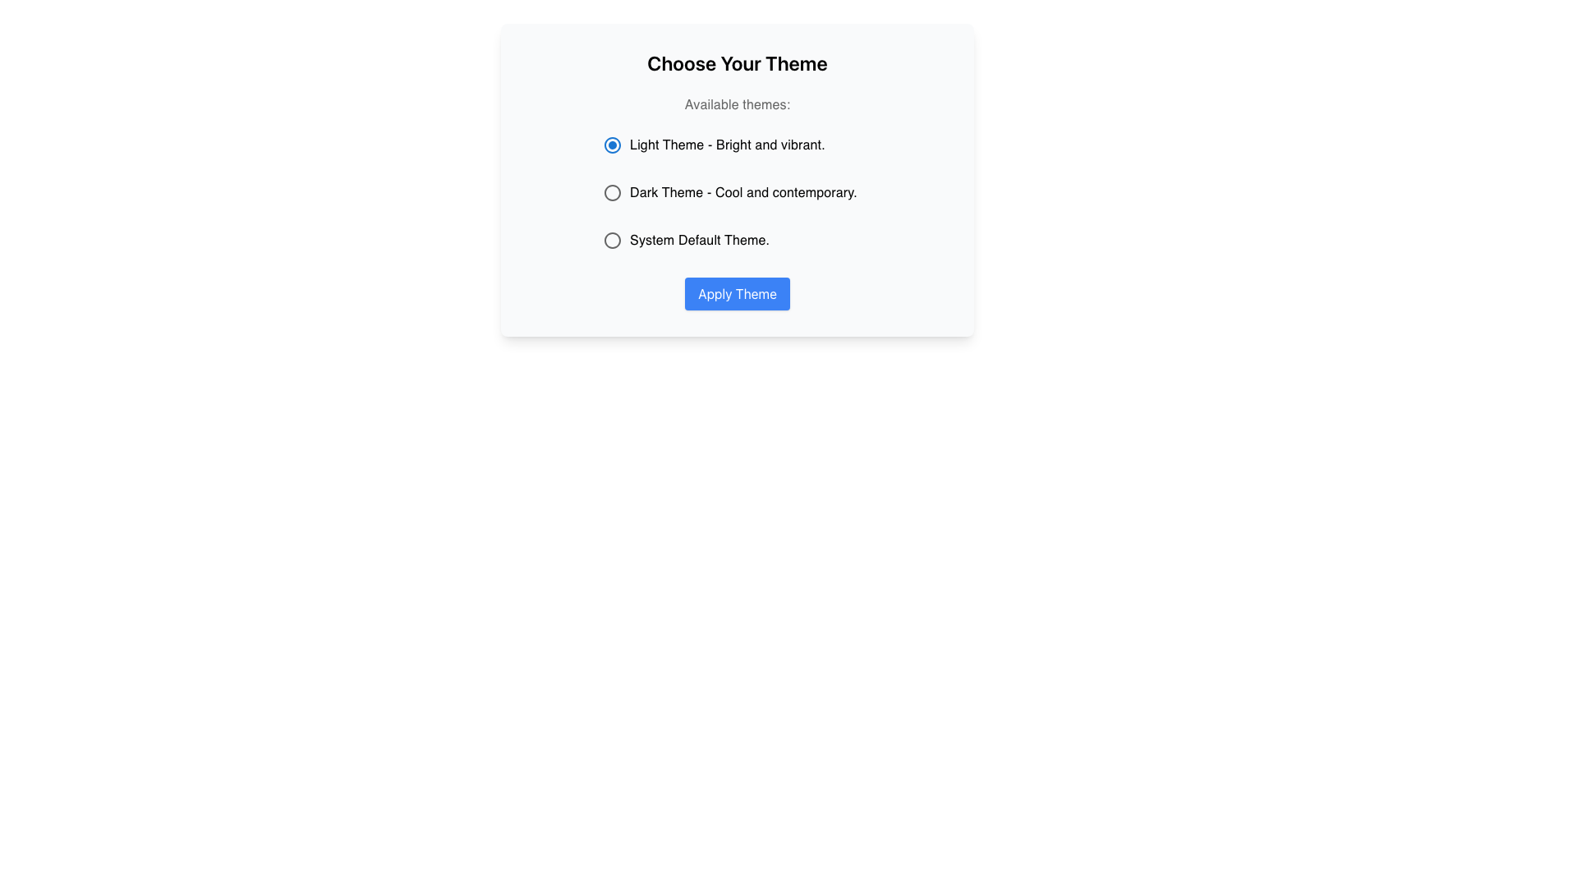 Image resolution: width=1577 pixels, height=887 pixels. What do you see at coordinates (612, 145) in the screenshot?
I see `the 'Light Theme' radio button` at bounding box center [612, 145].